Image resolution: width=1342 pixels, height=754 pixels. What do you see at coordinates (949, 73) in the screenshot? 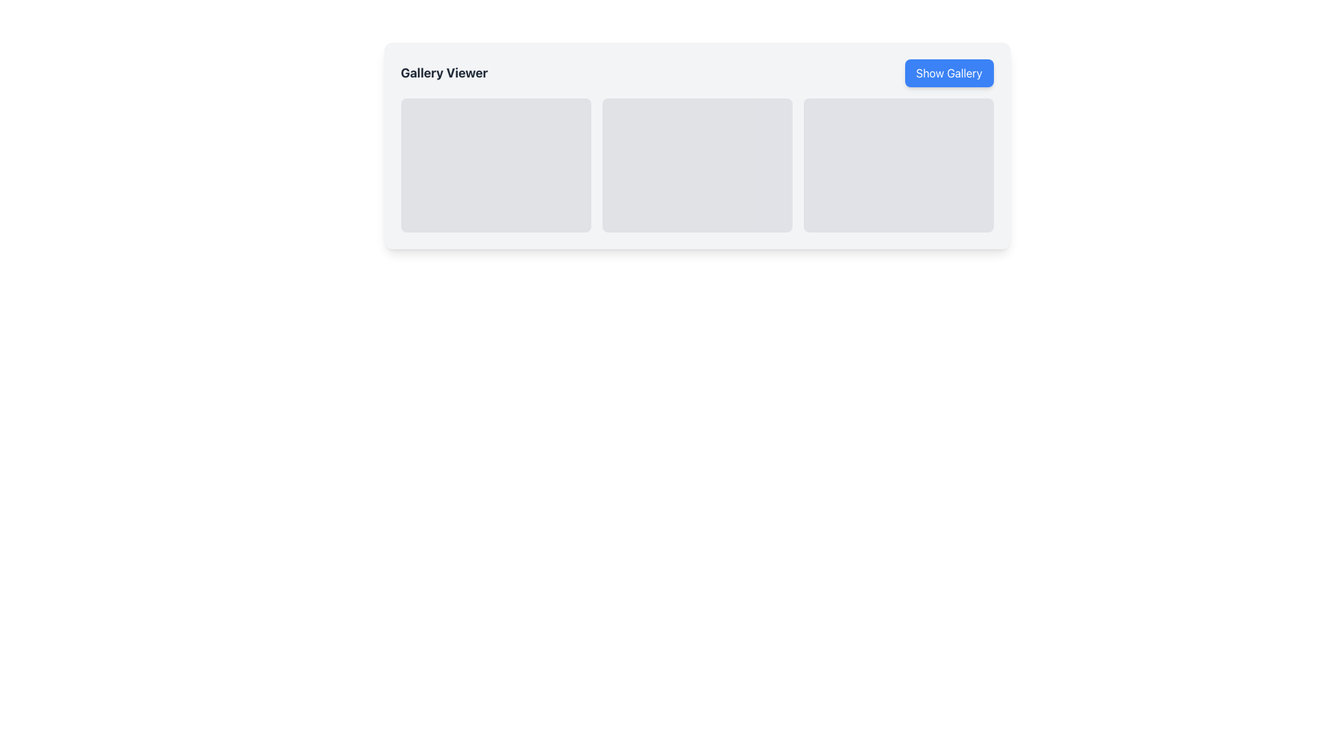
I see `the rectangular button with a blue background and white text reading 'Show Gallery' for keyboard interaction` at bounding box center [949, 73].